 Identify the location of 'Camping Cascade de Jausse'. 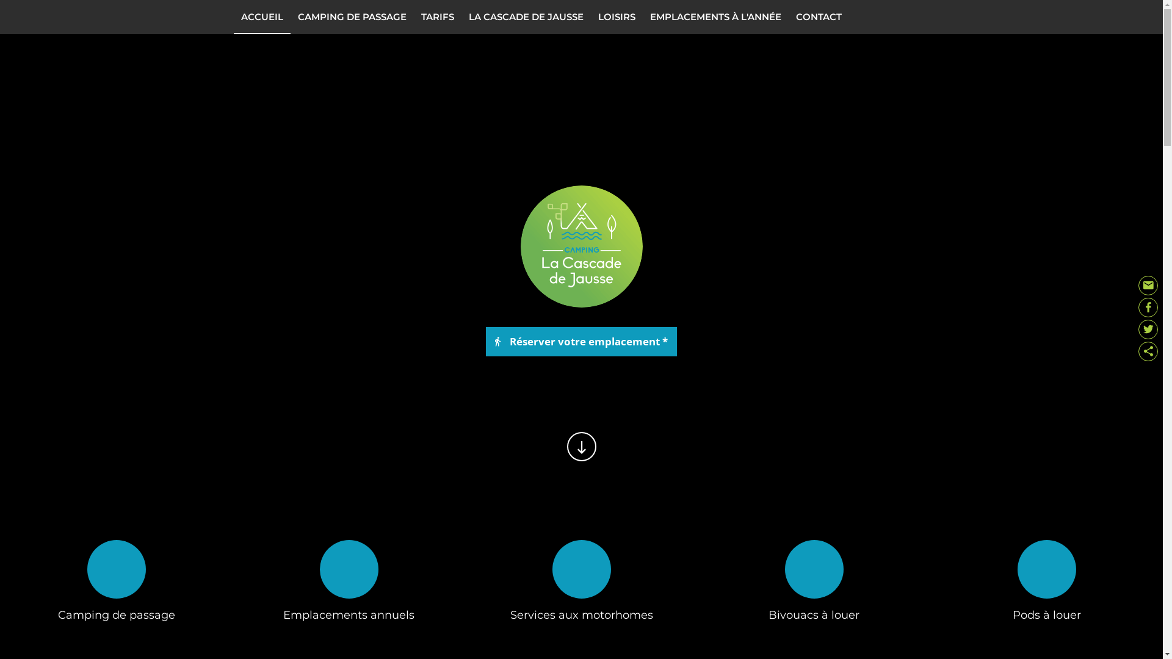
(580, 247).